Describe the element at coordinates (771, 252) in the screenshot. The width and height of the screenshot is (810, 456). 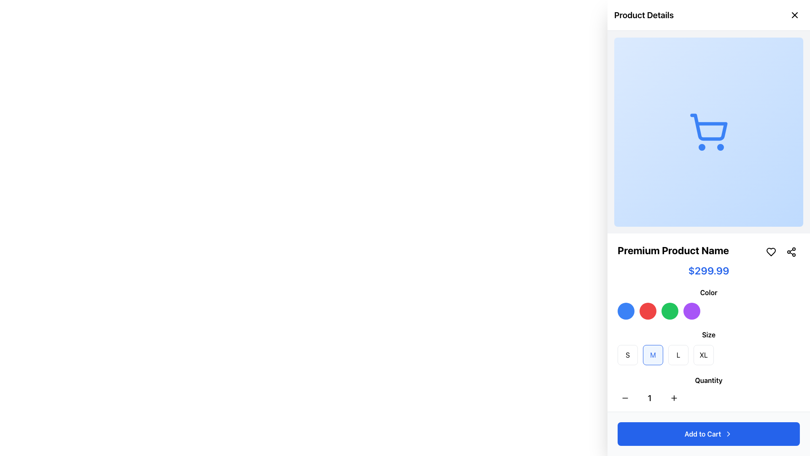
I see `the heart-shaped icon with a black outline, located to the left of the share icon and adjacent to the product title 'Premium Product Name'` at that location.